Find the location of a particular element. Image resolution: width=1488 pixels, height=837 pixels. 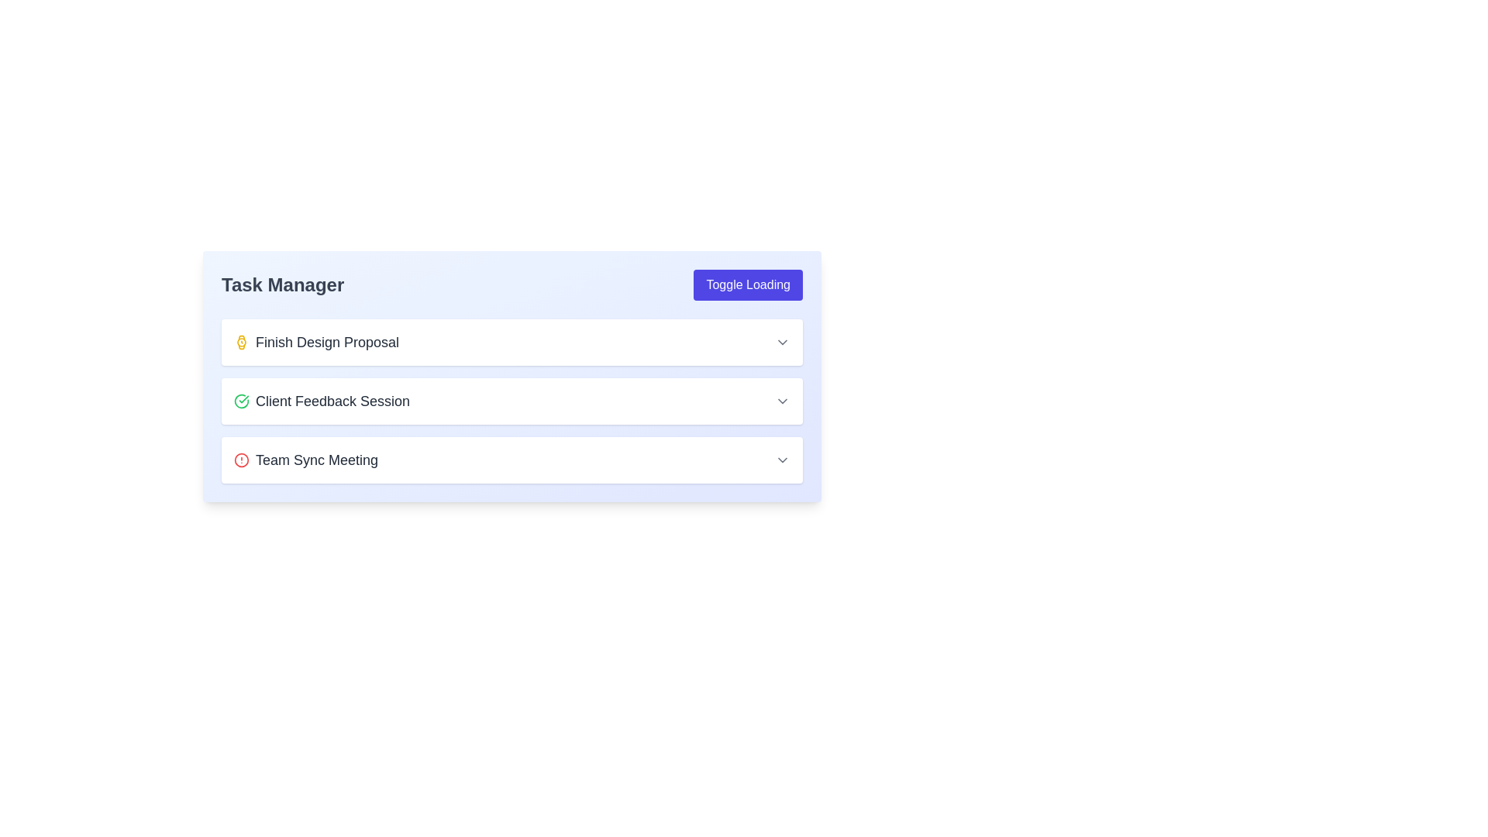

the text label that describes a specific task item within the task manager, located in the first task row, centered to the right of an icon and below the heading 'Task Manager' is located at coordinates (326, 342).